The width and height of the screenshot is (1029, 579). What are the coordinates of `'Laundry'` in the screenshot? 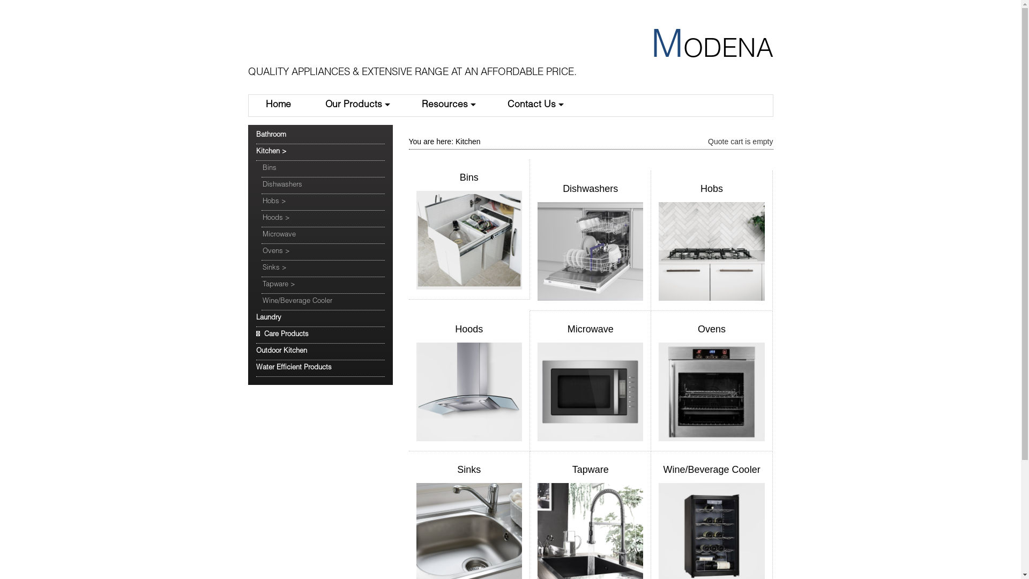 It's located at (320, 318).